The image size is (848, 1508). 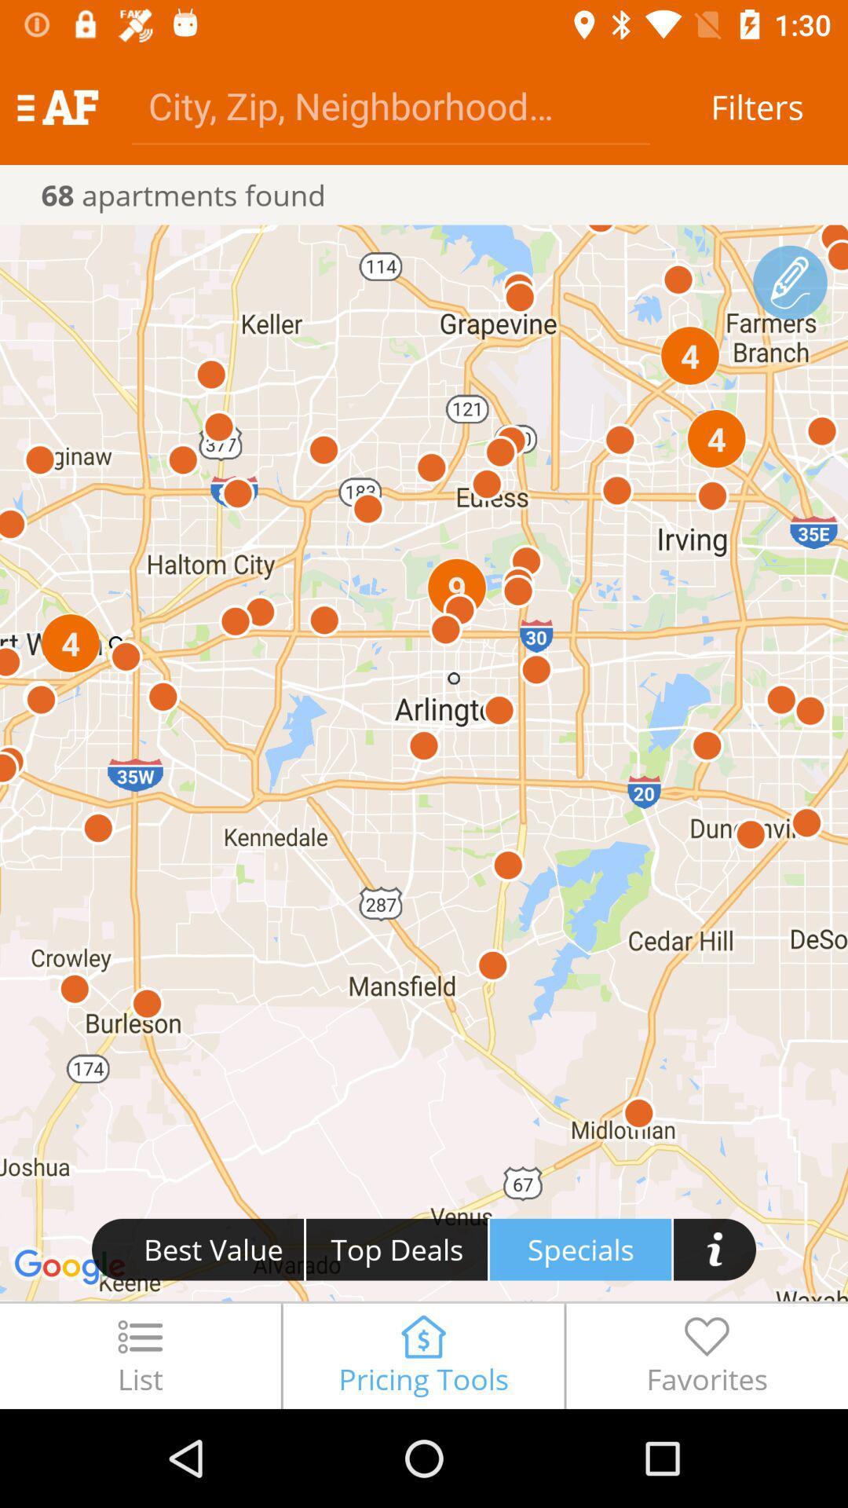 I want to click on search the new deals, so click(x=715, y=1248).